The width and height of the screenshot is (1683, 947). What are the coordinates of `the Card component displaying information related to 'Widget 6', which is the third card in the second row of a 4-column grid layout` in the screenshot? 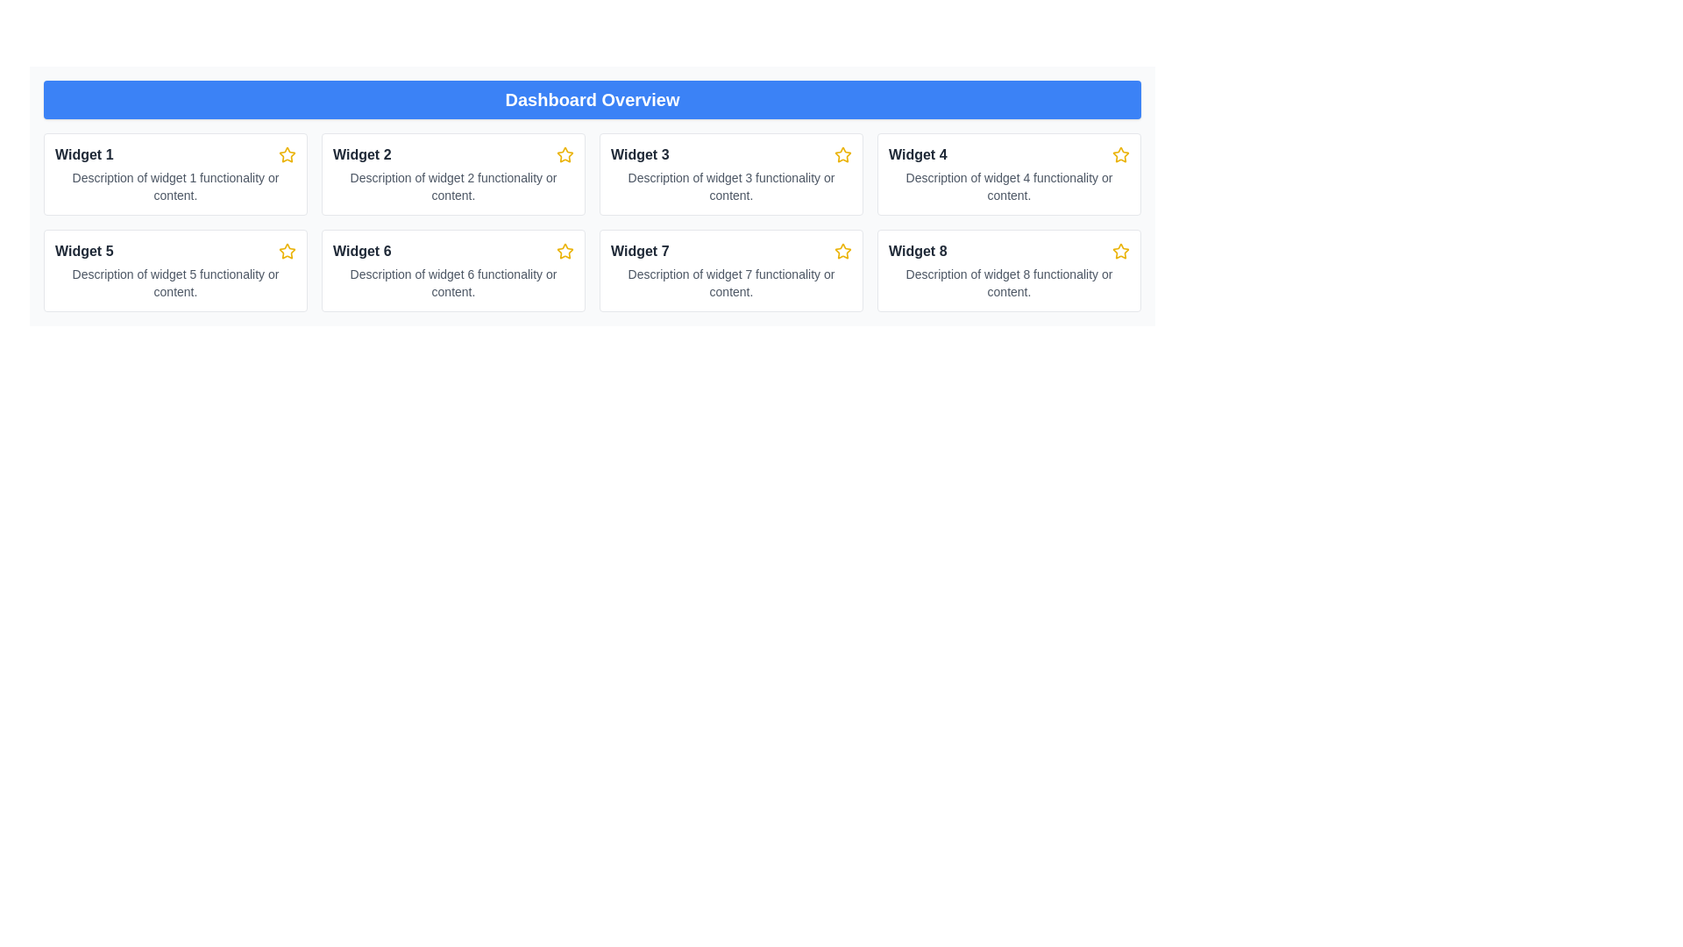 It's located at (453, 270).